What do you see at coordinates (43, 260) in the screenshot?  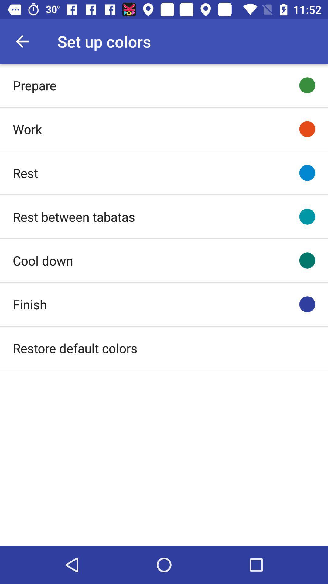 I see `the cool down` at bounding box center [43, 260].